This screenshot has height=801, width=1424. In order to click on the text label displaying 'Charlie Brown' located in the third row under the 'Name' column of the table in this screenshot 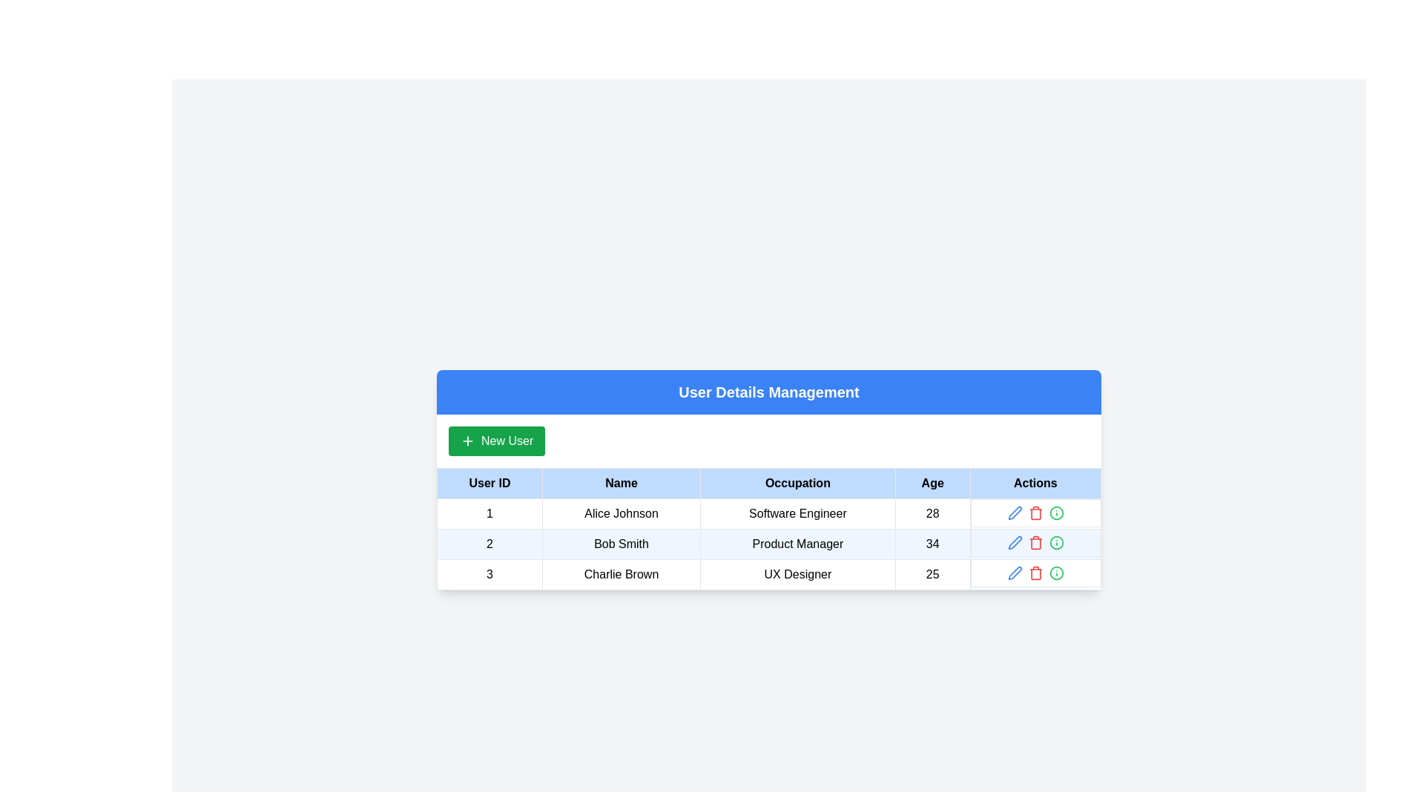, I will do `click(622, 573)`.